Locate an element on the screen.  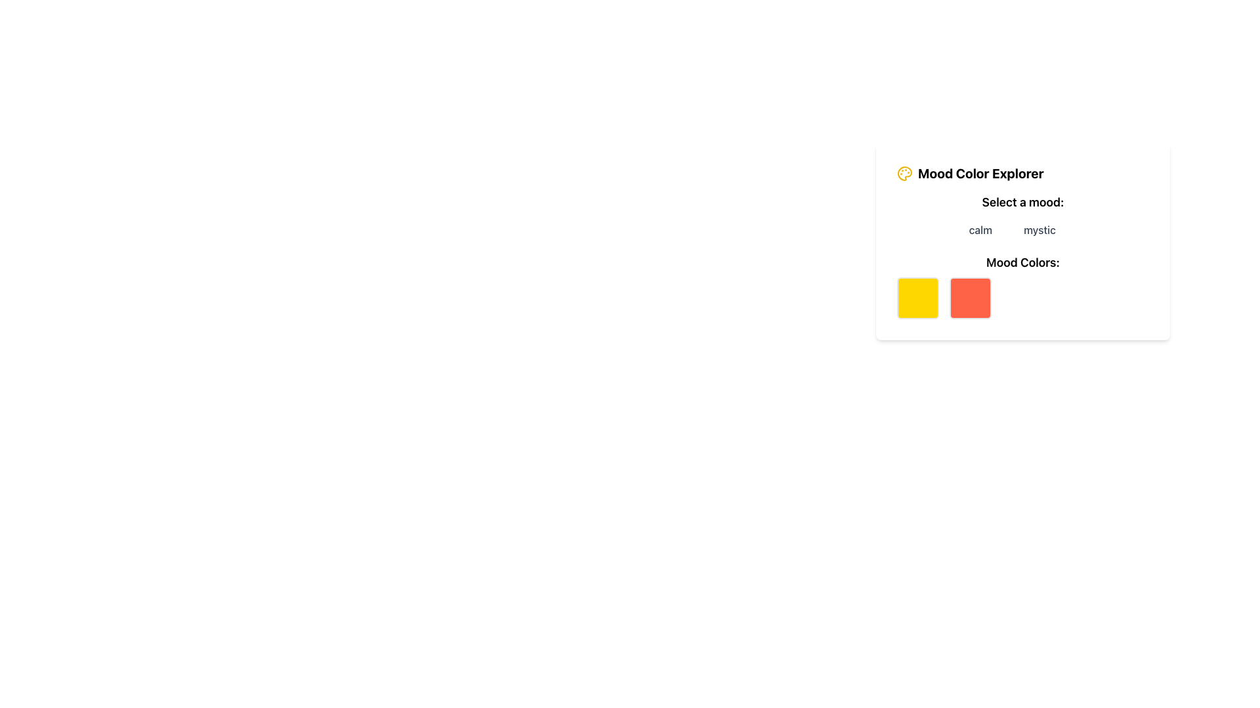
the second color box in the 'Mood Color Explorer' section is located at coordinates (970, 298).